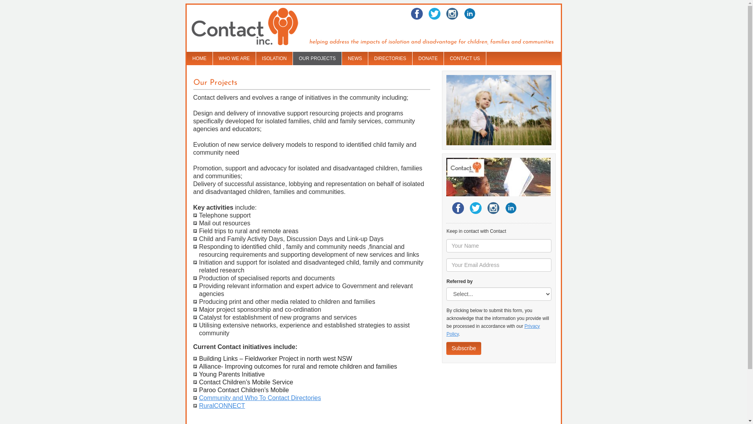 This screenshot has width=753, height=424. What do you see at coordinates (416, 13) in the screenshot?
I see `'Facebook'` at bounding box center [416, 13].